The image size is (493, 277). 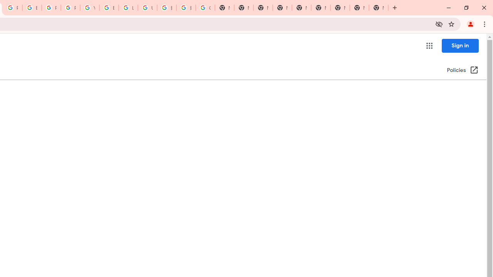 What do you see at coordinates (89, 8) in the screenshot?
I see `'YouTube'` at bounding box center [89, 8].